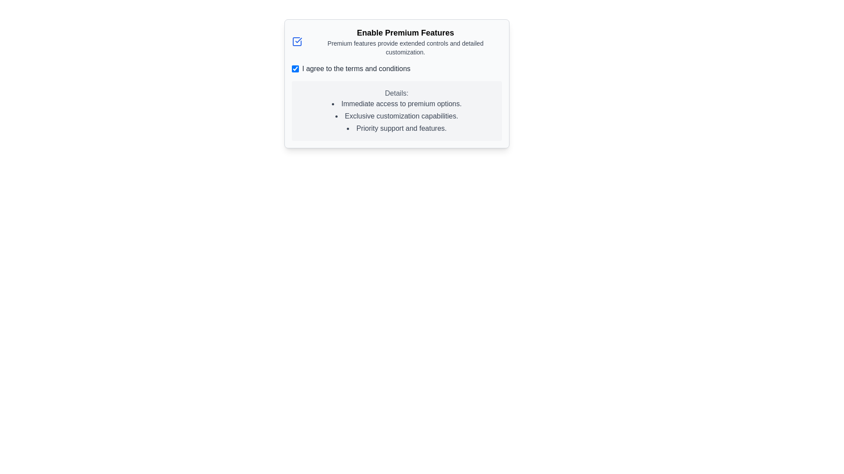 This screenshot has width=844, height=474. What do you see at coordinates (396, 68) in the screenshot?
I see `the checkbox labeled 'I agree to the terms and conditions'` at bounding box center [396, 68].